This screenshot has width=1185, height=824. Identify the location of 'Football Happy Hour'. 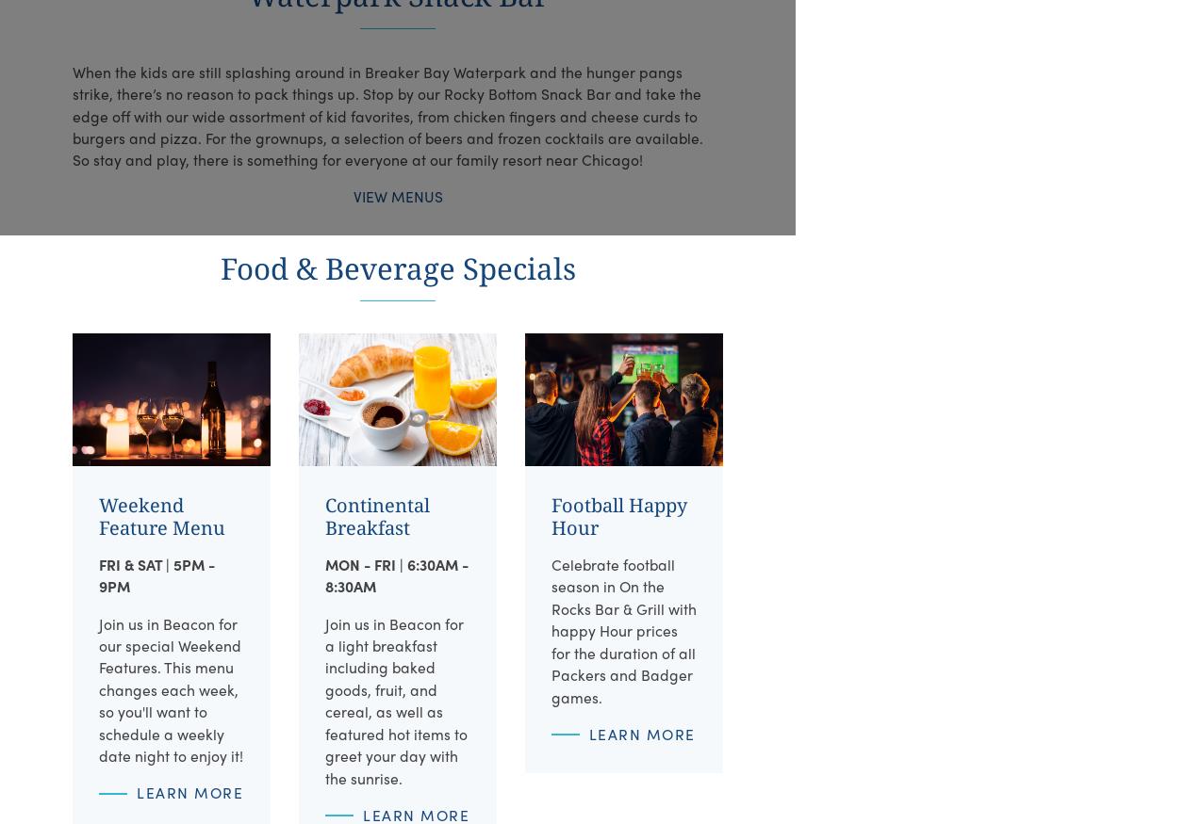
(617, 515).